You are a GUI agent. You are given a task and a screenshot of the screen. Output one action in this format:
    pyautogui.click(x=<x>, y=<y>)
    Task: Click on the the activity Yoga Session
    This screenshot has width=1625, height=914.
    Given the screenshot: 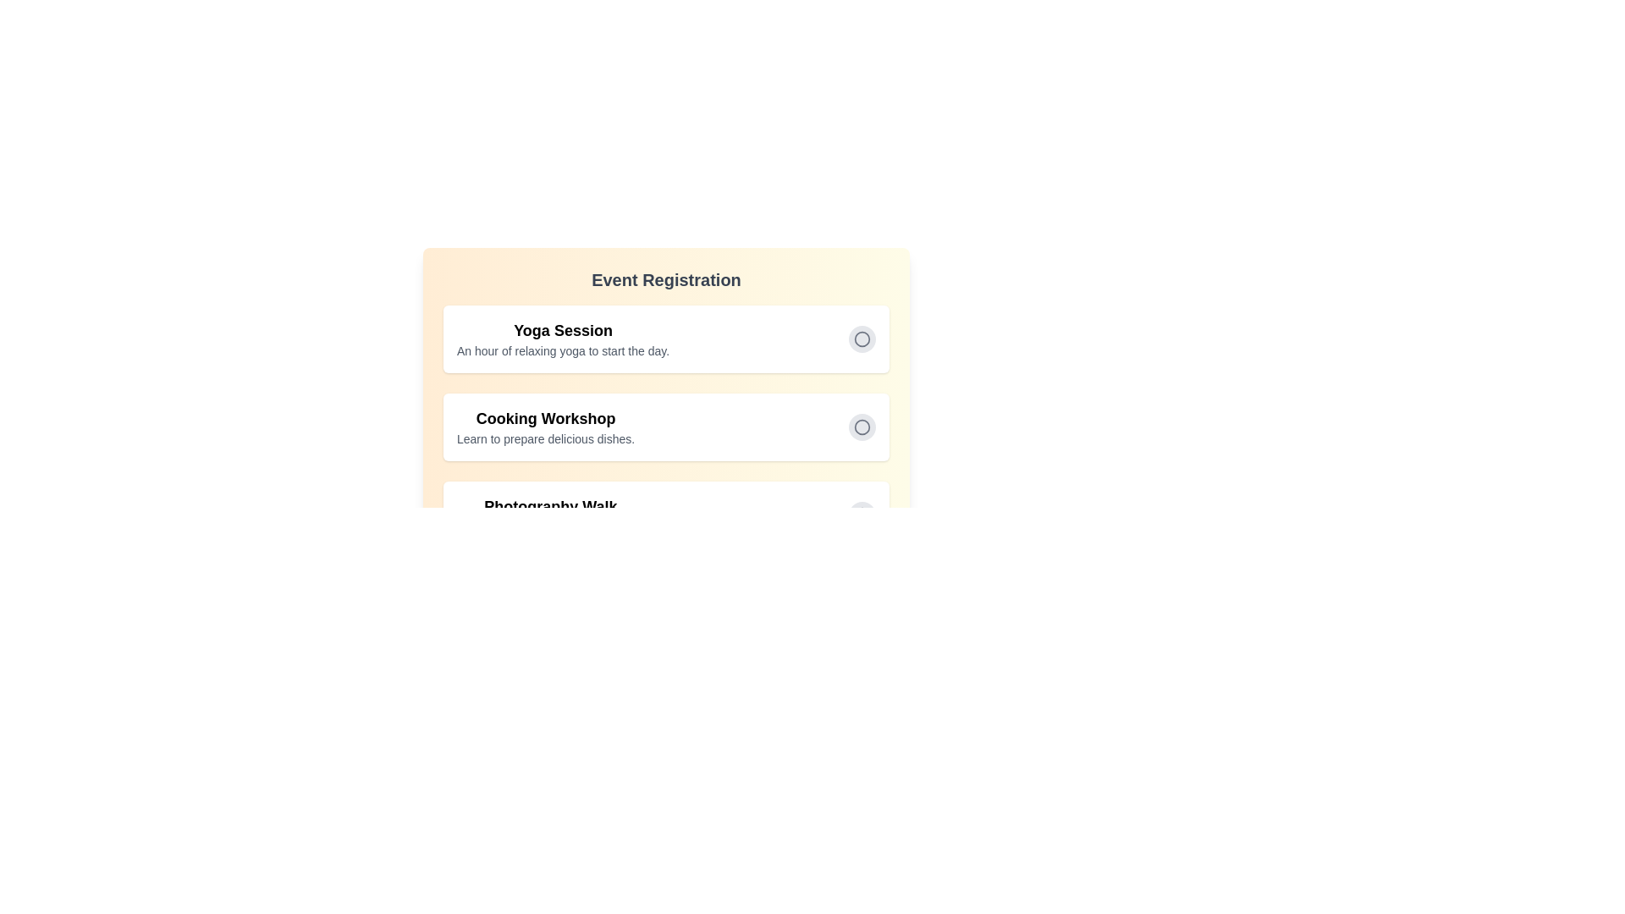 What is the action you would take?
    pyautogui.click(x=862, y=339)
    